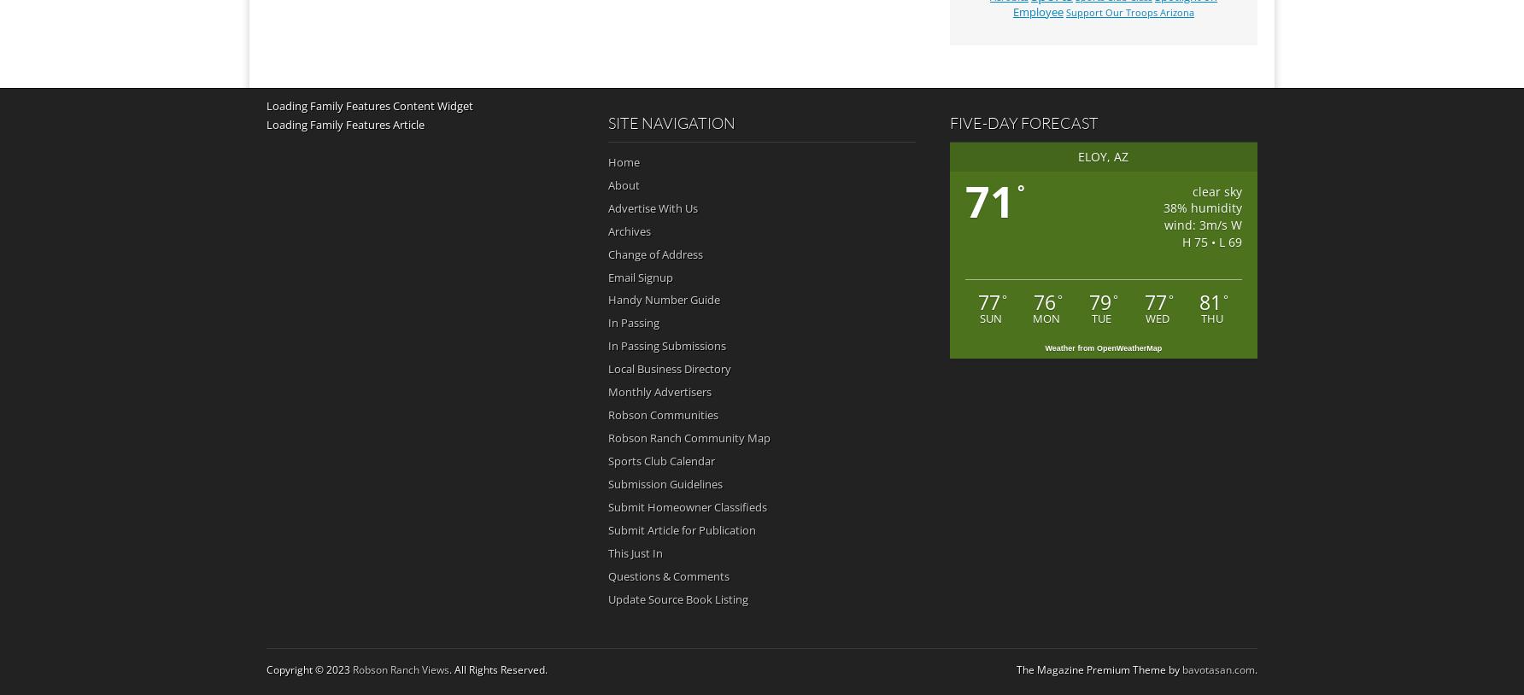 This screenshot has width=1524, height=695. I want to click on 'bavotasan.com', so click(1218, 669).